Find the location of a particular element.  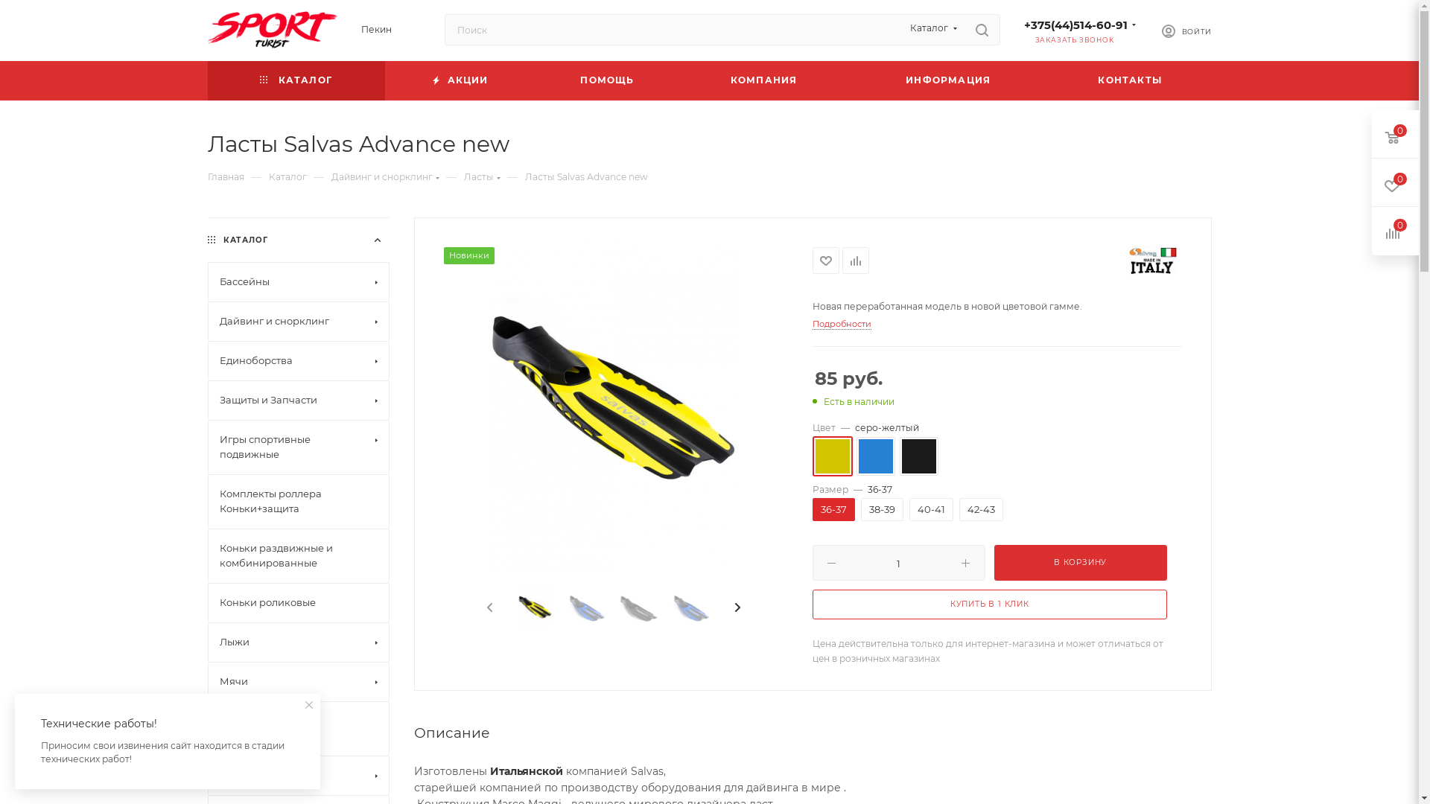

'+375(44)514-60-91' is located at coordinates (1075, 25).